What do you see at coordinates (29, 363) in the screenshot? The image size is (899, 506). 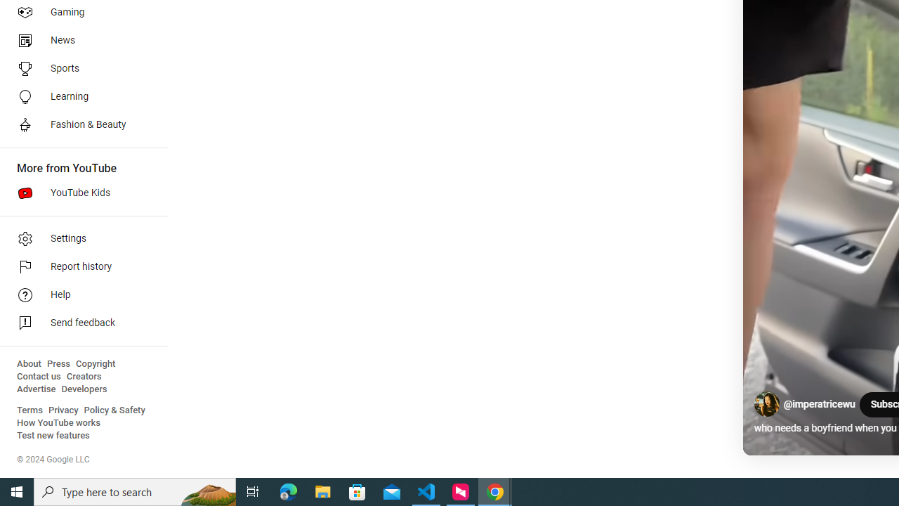 I see `'About'` at bounding box center [29, 363].